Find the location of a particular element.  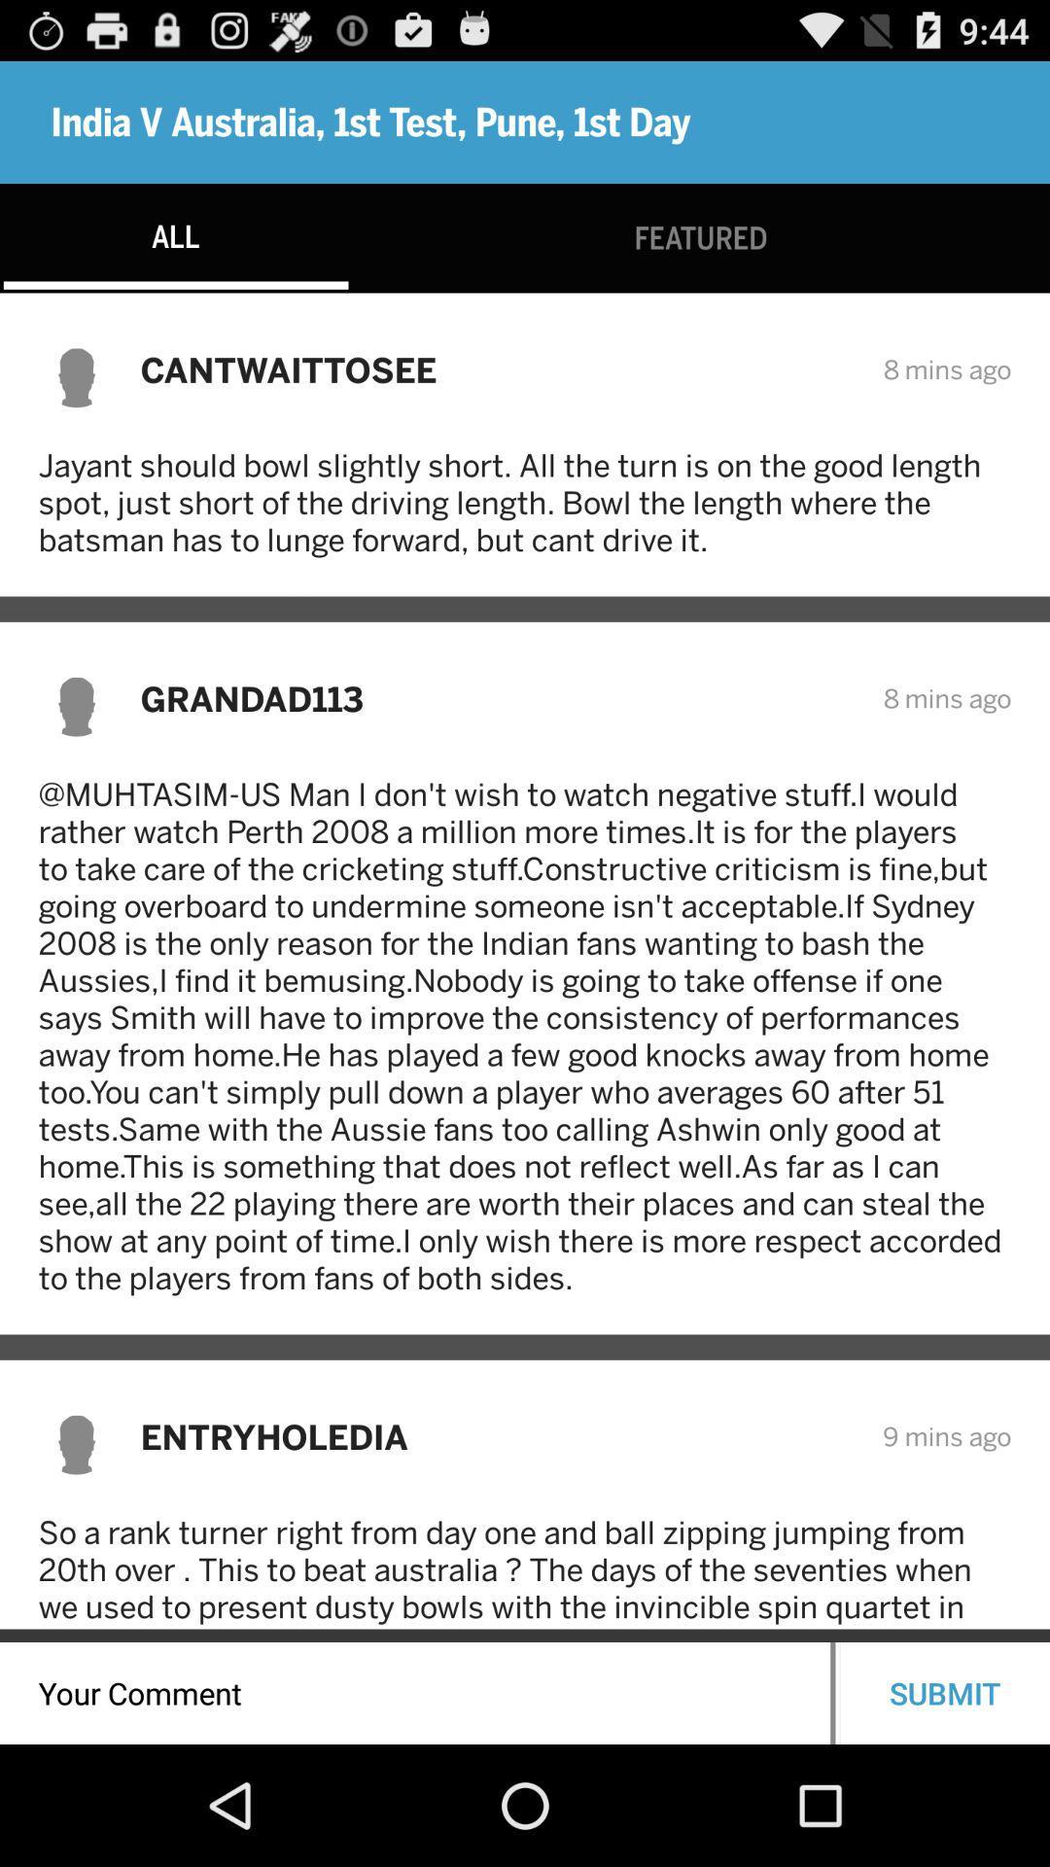

the muhtasim us man item is located at coordinates (525, 1035).